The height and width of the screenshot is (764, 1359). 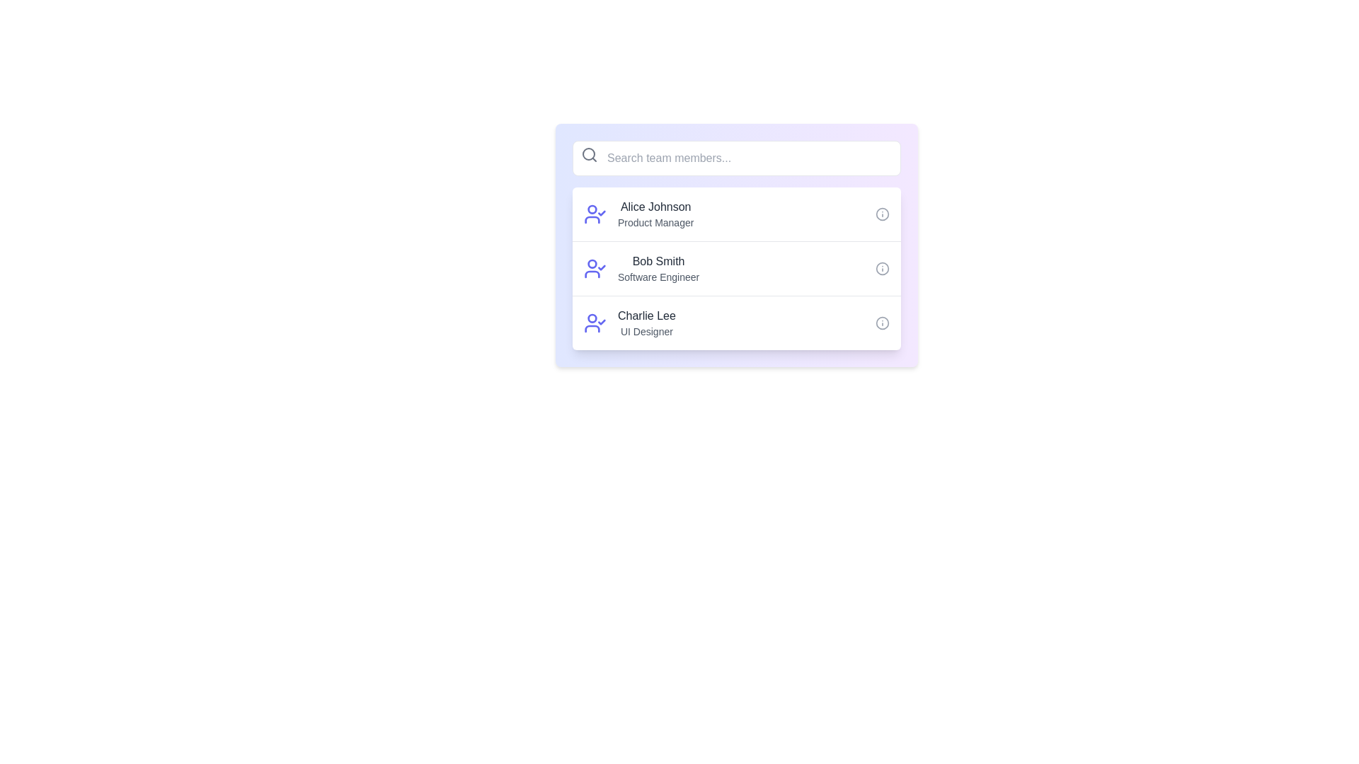 What do you see at coordinates (882, 323) in the screenshot?
I see `the icon located next to 'Charlie Lee' in the user profiles list at the bottommost entry` at bounding box center [882, 323].